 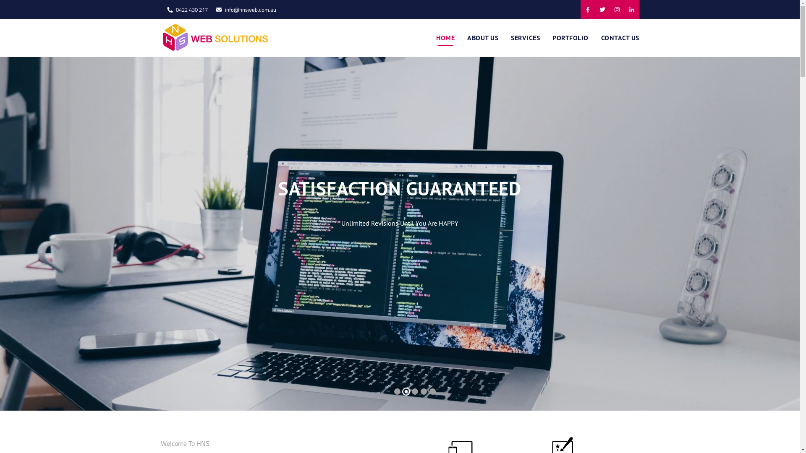 I want to click on 'ABOUT US', so click(x=483, y=37).